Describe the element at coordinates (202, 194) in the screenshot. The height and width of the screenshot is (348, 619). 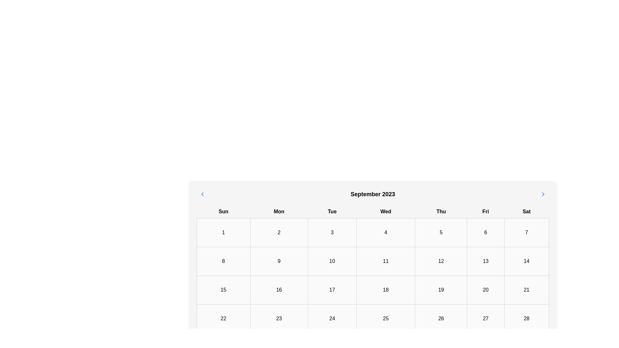
I see `the button on the left side of the calendar interface` at that location.